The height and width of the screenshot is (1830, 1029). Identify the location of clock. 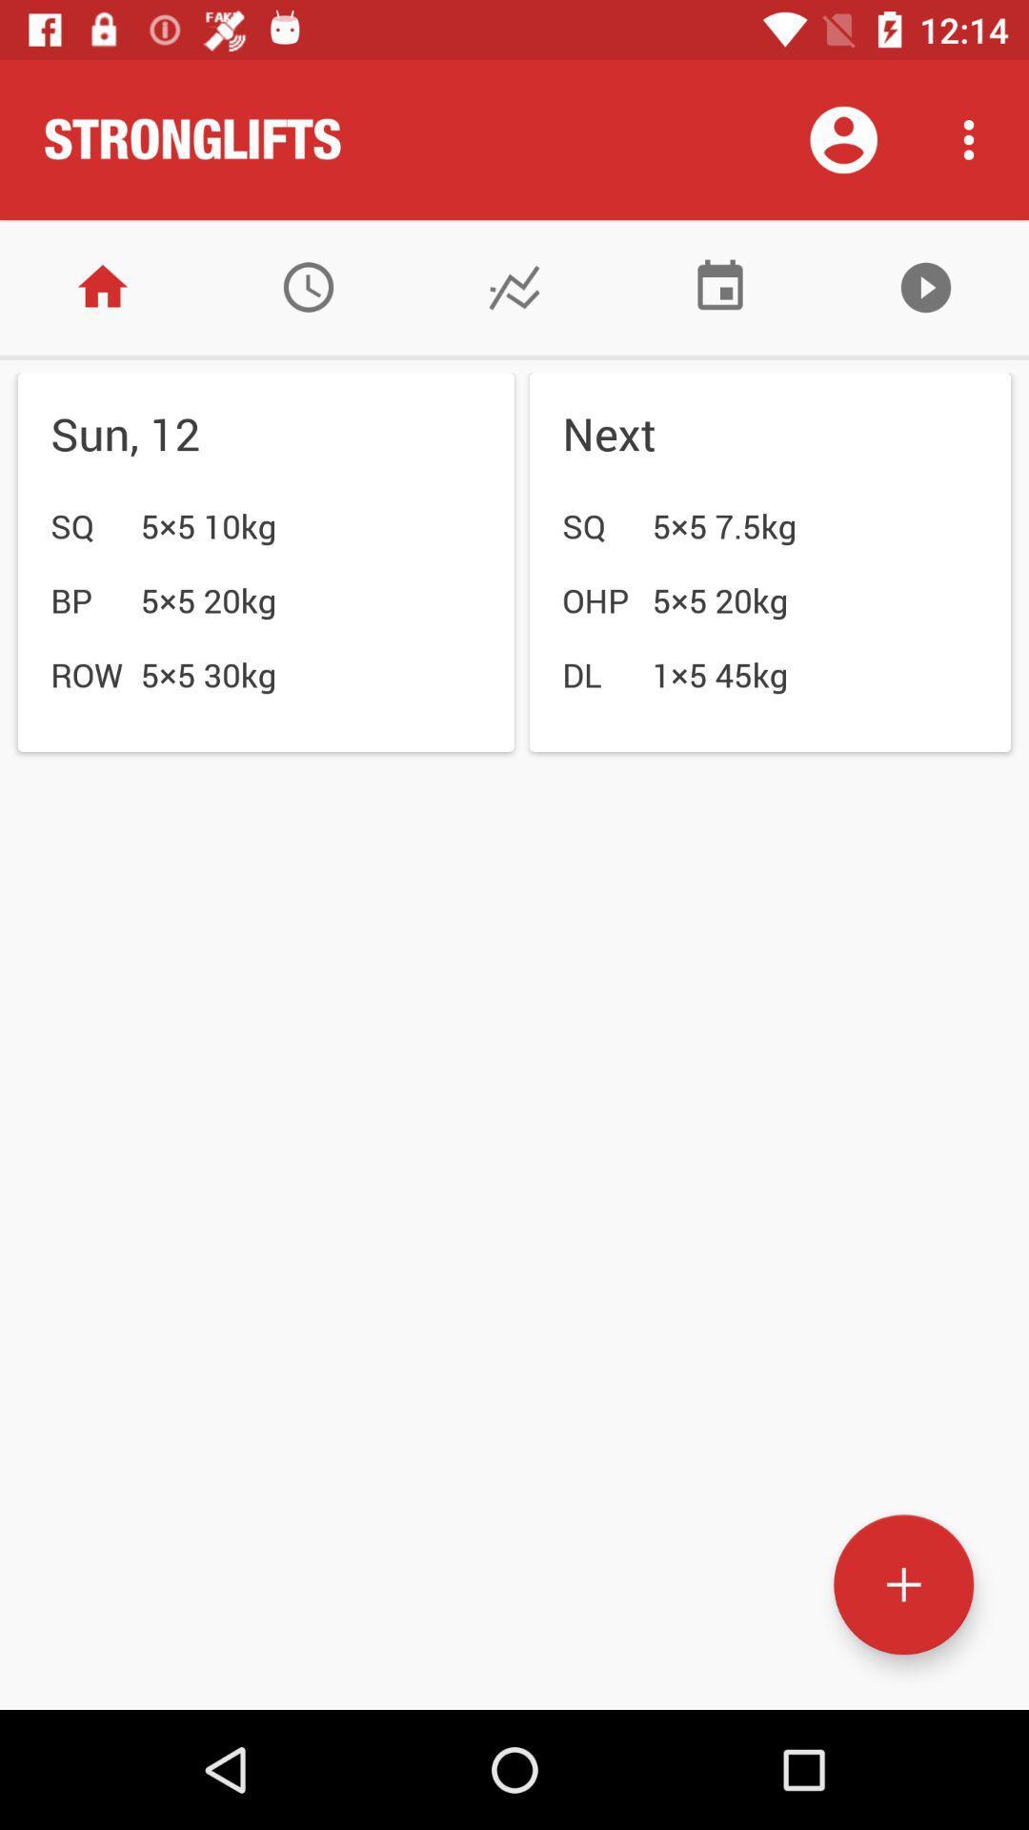
(308, 286).